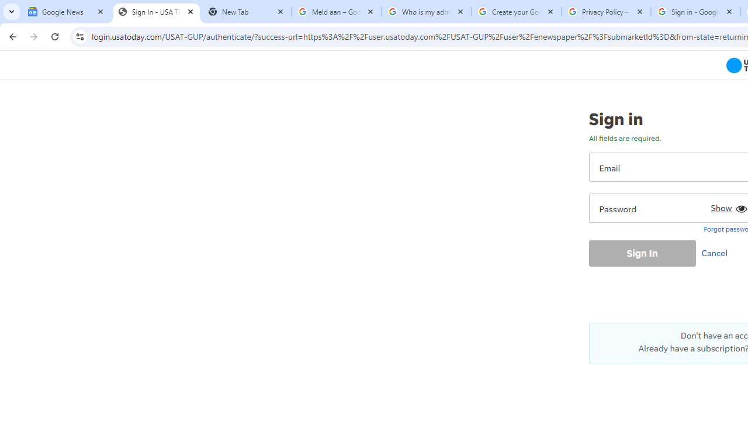  I want to click on 'Reload', so click(54, 36).